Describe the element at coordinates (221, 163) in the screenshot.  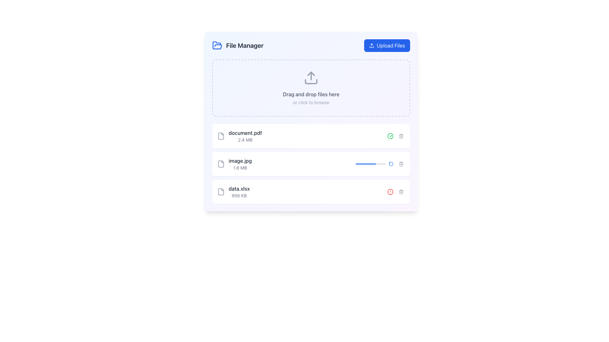
I see `the file icon styled as a document outline located next to the label 'image.jpg' in the second slot of the file list` at that location.